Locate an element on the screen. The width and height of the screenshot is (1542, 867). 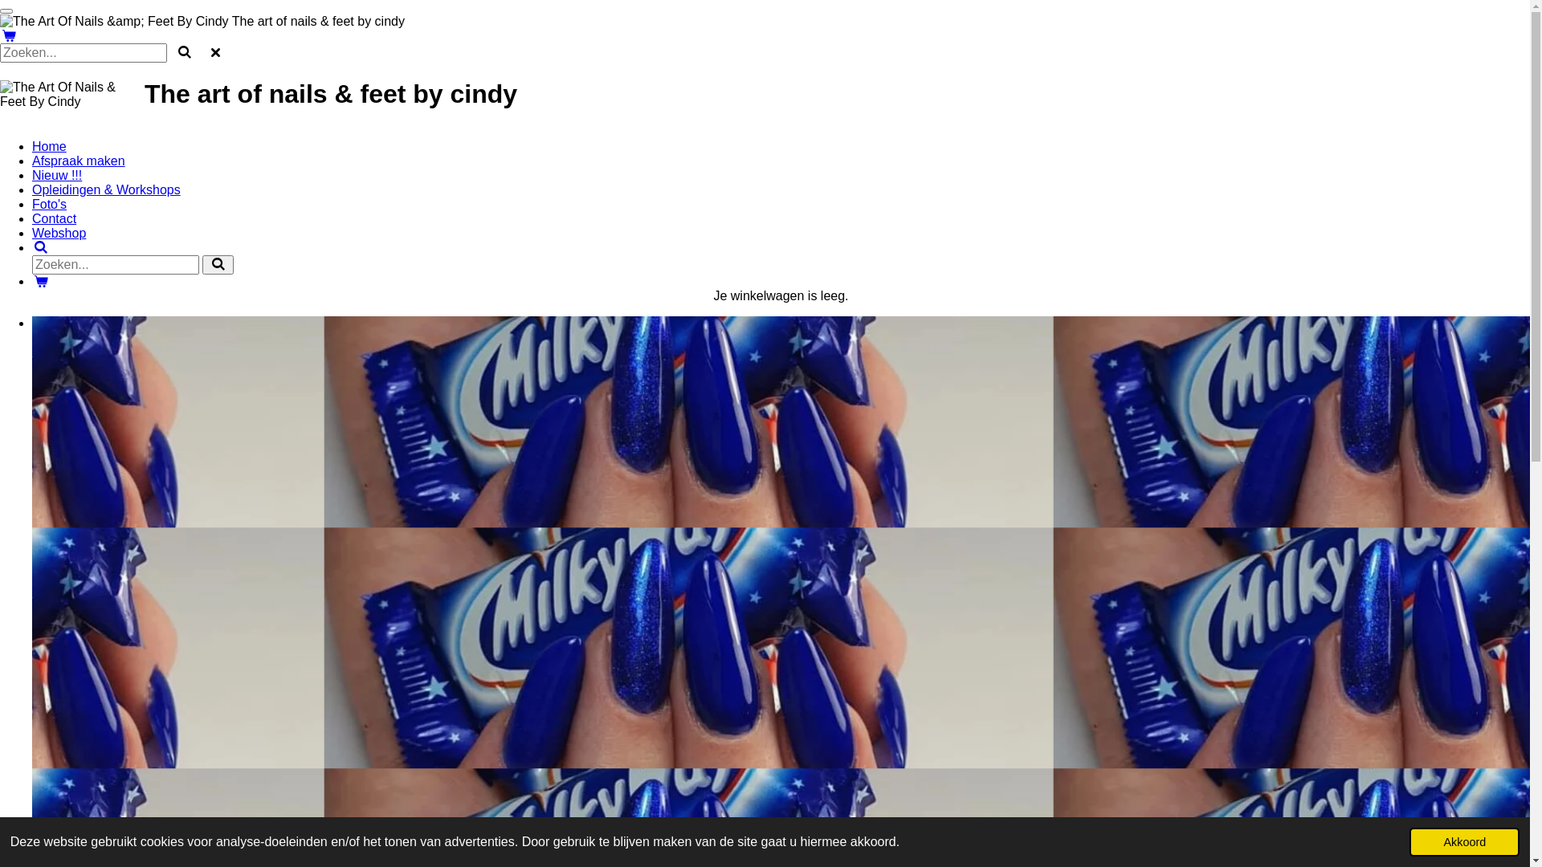
'The Art Of Nails & Feet By Cindy' is located at coordinates (0, 95).